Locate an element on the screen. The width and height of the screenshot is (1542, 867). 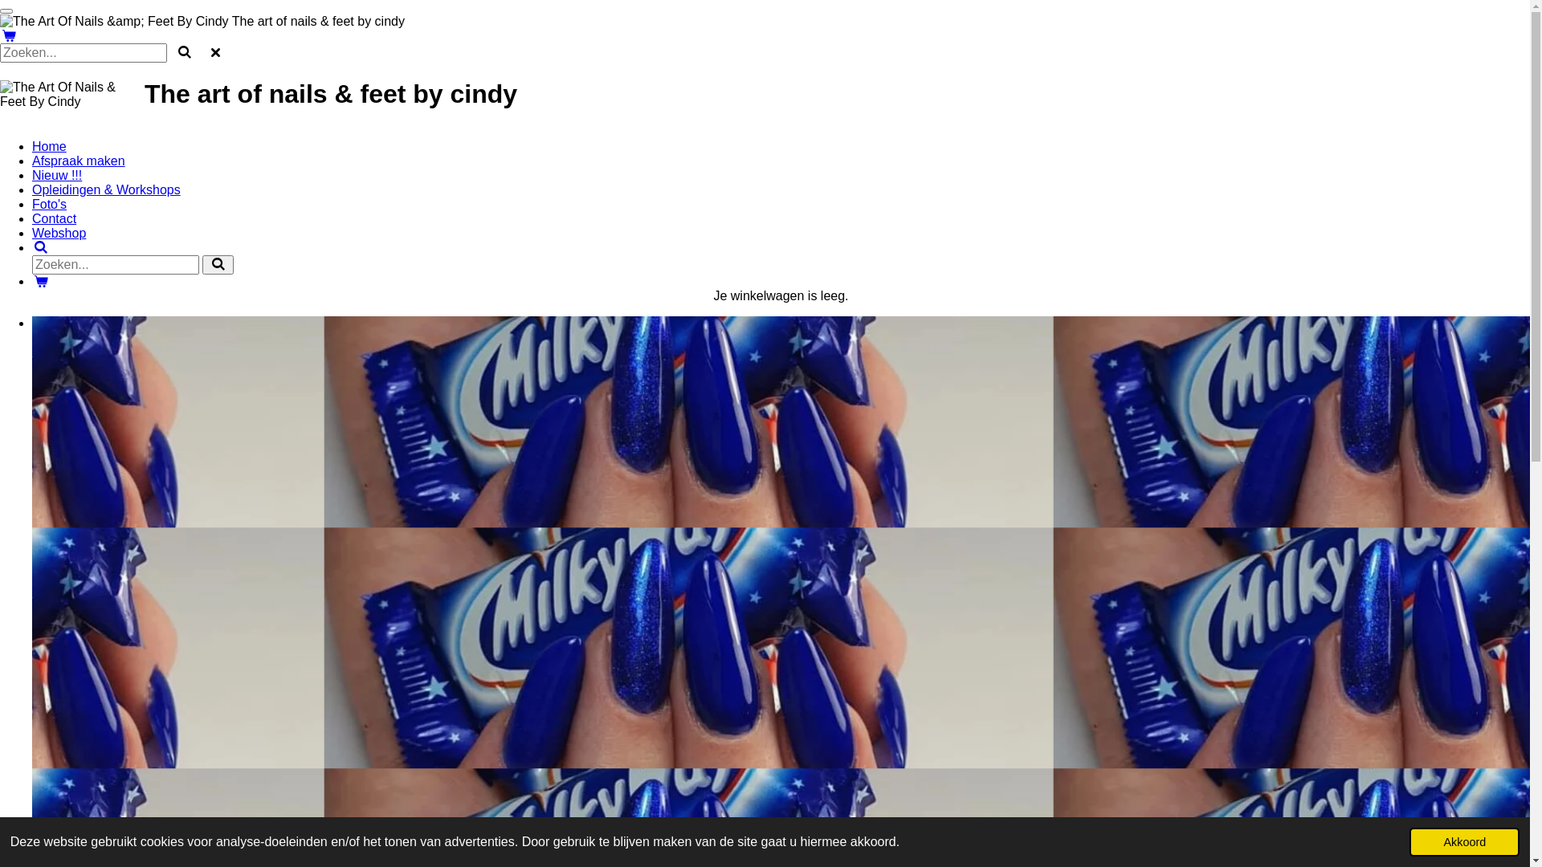
'The Art Of Nails & Feet By Cindy' is located at coordinates (0, 95).